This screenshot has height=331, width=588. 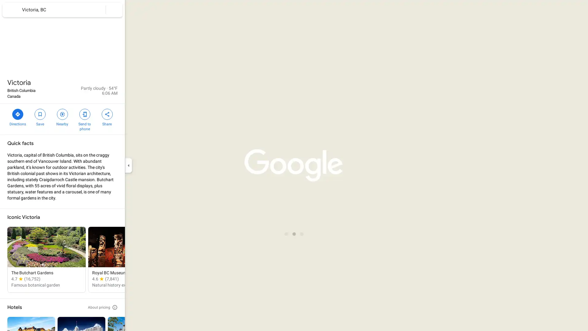 What do you see at coordinates (11, 10) in the screenshot?
I see `Menu` at bounding box center [11, 10].